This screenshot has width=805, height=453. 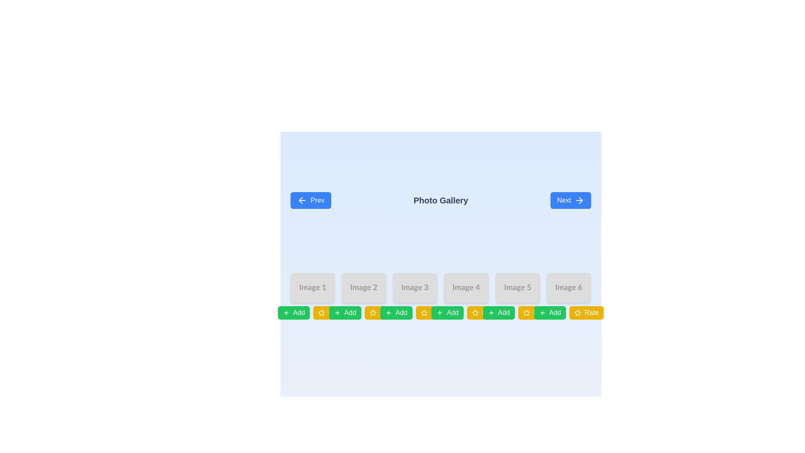 What do you see at coordinates (555, 312) in the screenshot?
I see `the green rounded rectangular 'Add' button labeled 'Add' located in the toolbar beneath image thumbnails` at bounding box center [555, 312].